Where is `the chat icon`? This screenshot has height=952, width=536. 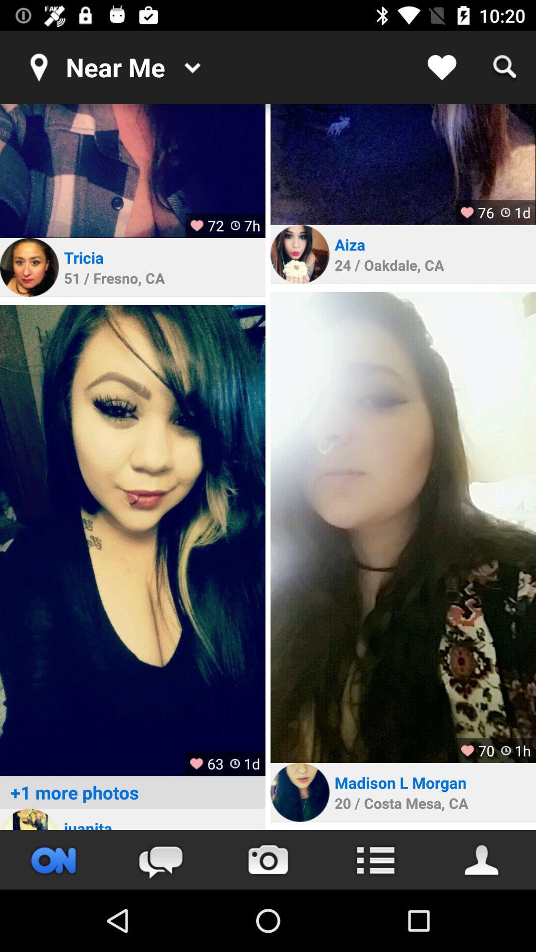 the chat icon is located at coordinates (160, 859).